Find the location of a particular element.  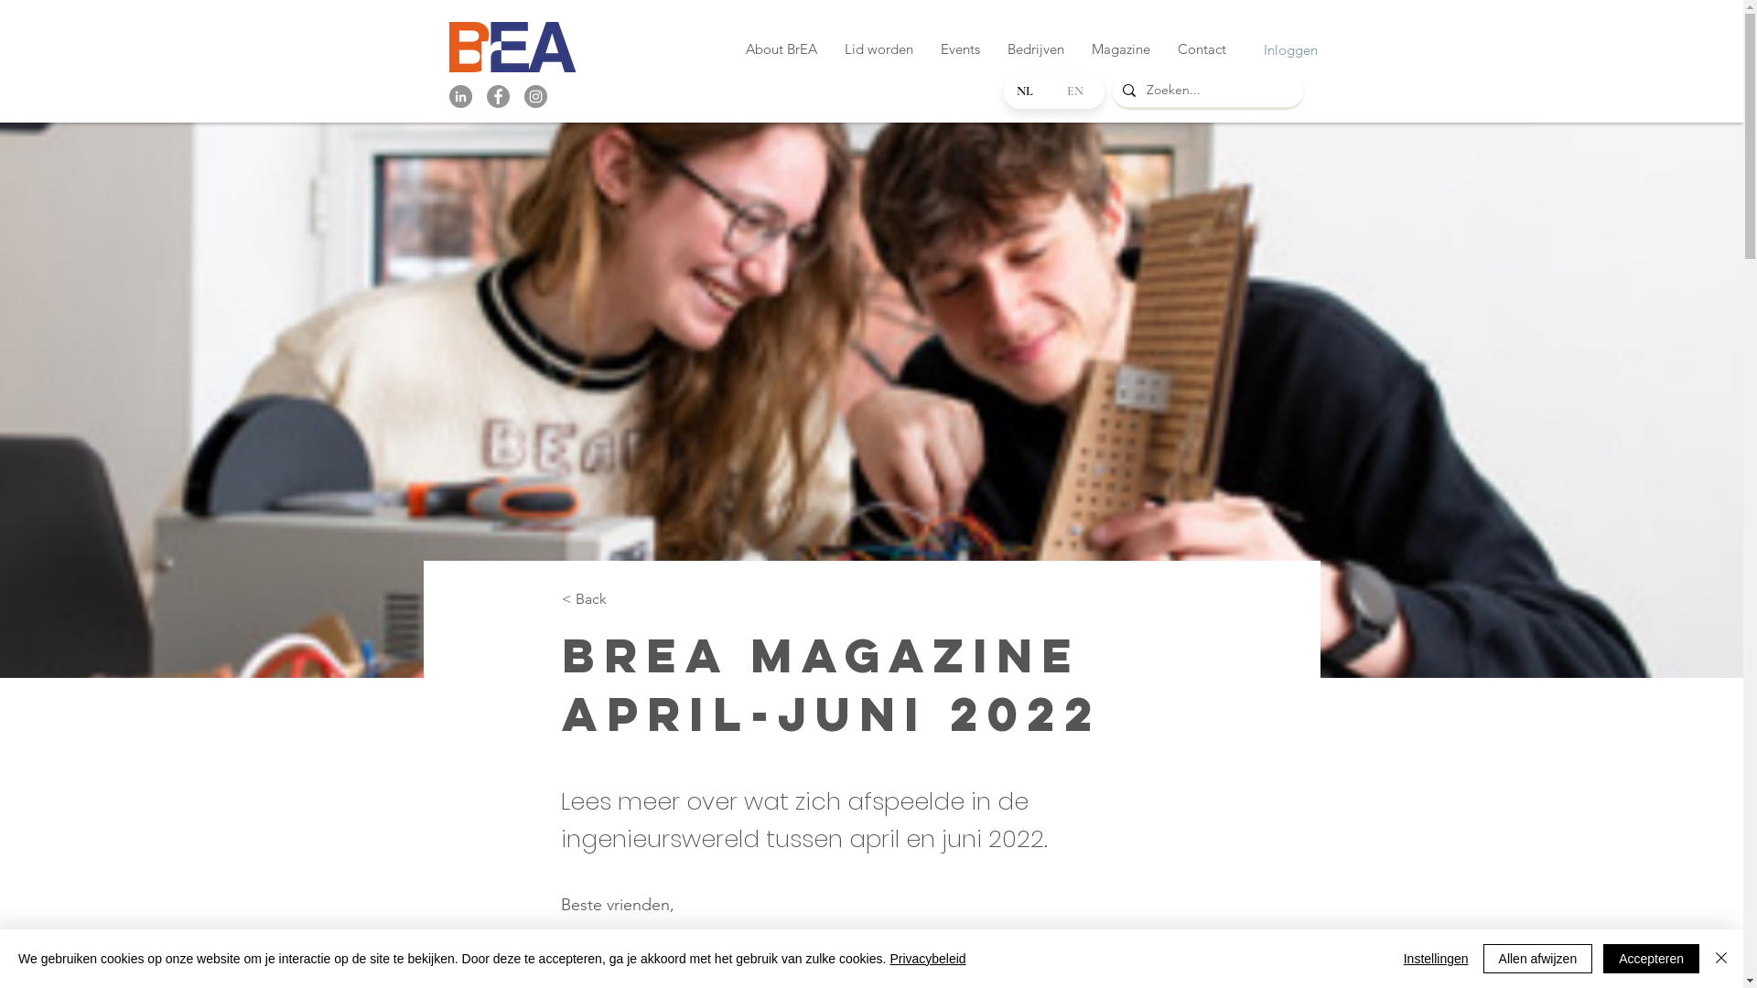

'Bedrijven' is located at coordinates (1036, 48).